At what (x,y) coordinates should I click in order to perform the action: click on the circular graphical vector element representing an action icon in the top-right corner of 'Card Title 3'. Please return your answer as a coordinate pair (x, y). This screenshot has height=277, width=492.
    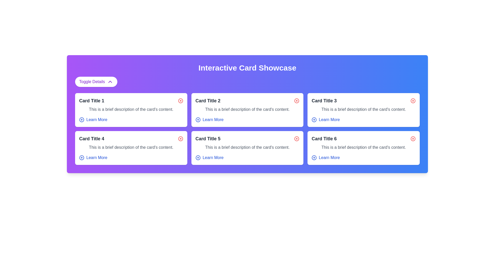
    Looking at the image, I should click on (314, 120).